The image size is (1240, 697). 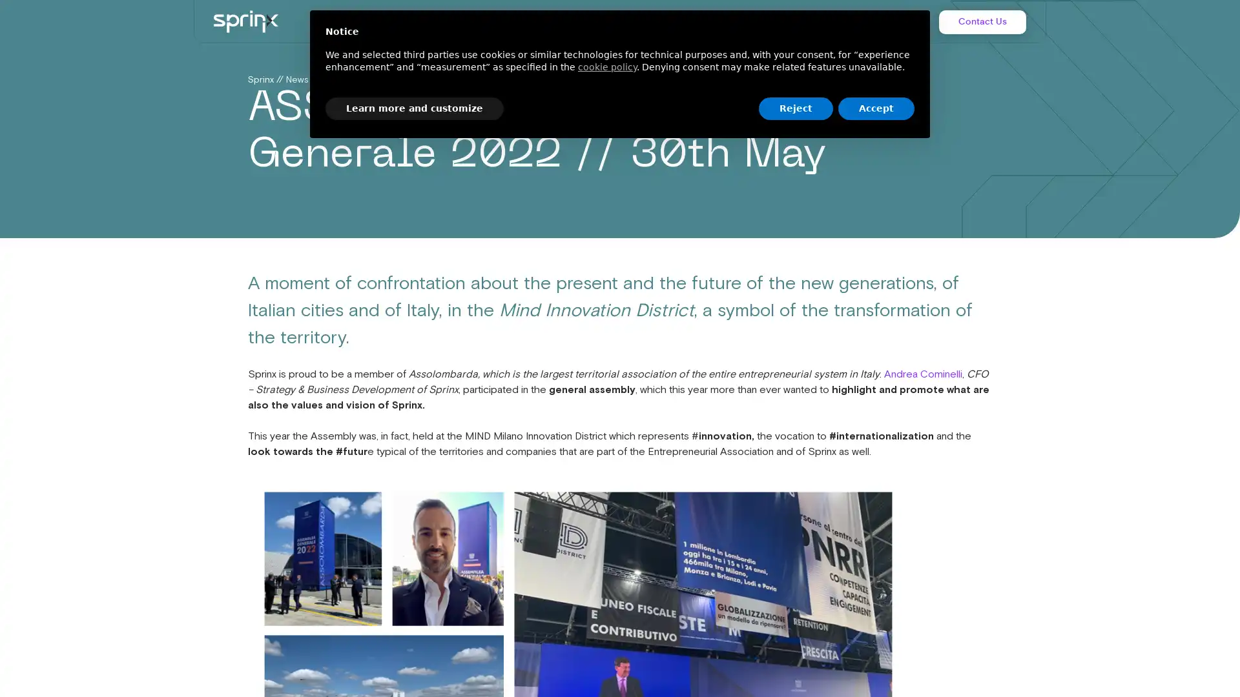 I want to click on Accept, so click(x=876, y=108).